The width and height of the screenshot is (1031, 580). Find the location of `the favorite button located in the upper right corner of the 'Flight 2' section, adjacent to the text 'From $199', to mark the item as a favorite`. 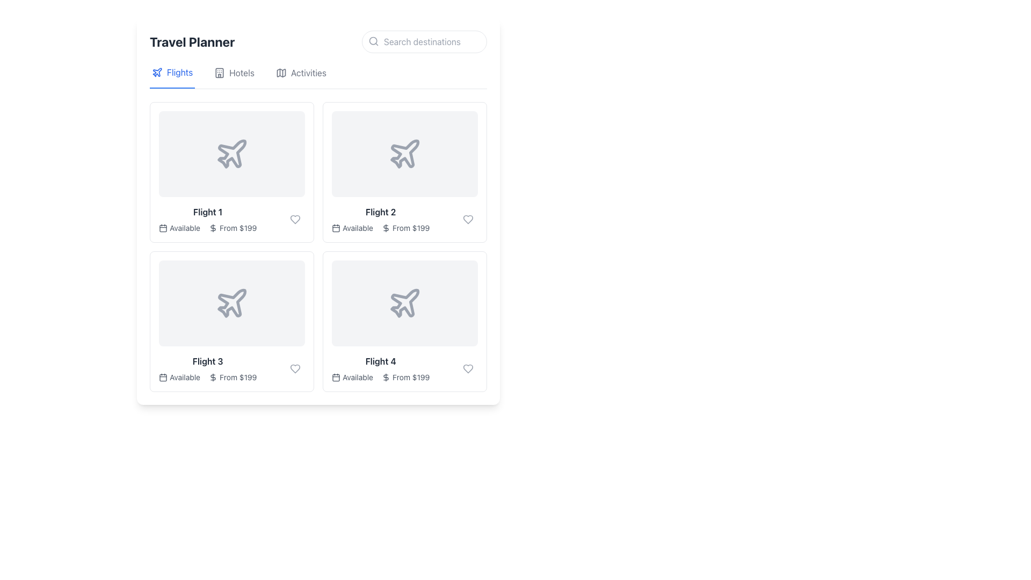

the favorite button located in the upper right corner of the 'Flight 2' section, adjacent to the text 'From $199', to mark the item as a favorite is located at coordinates (468, 219).